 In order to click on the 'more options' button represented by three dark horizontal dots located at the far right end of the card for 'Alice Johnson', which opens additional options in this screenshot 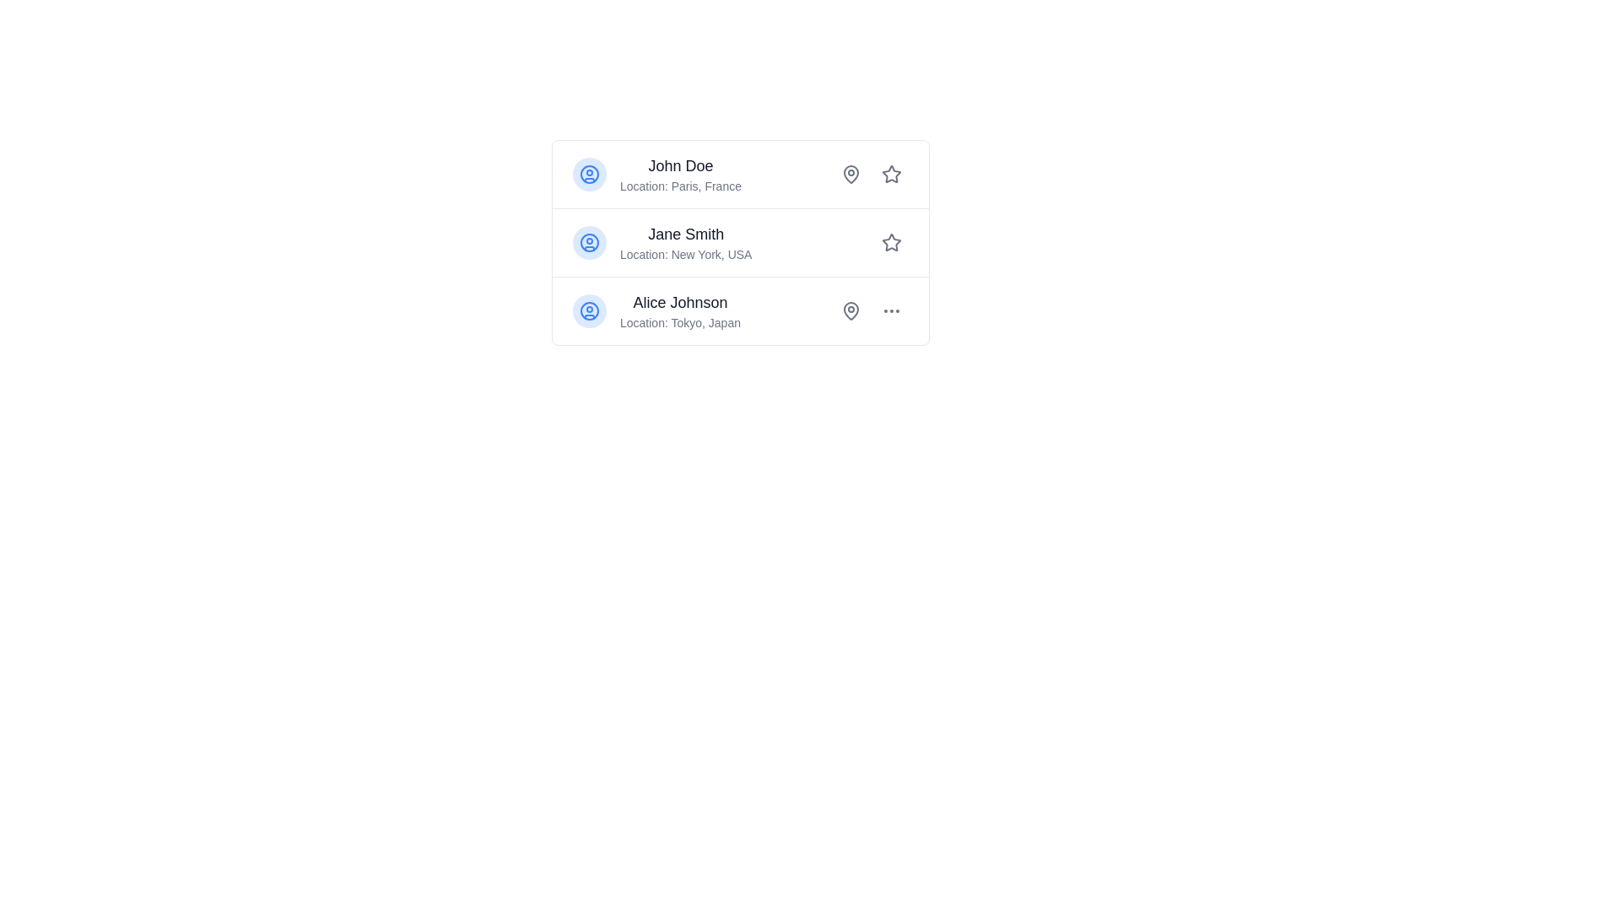, I will do `click(890, 311)`.